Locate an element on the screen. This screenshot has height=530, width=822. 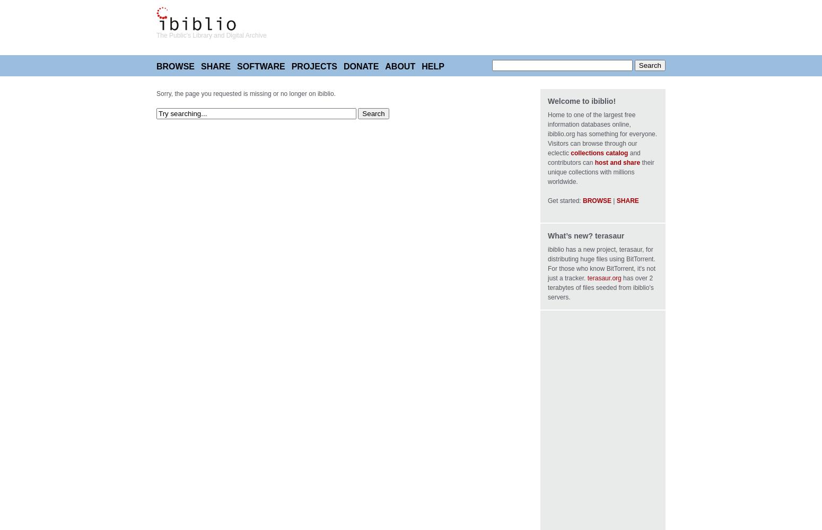
'has over 2 terabytes of files seeded from ibiblio's servers.' is located at coordinates (548, 288).